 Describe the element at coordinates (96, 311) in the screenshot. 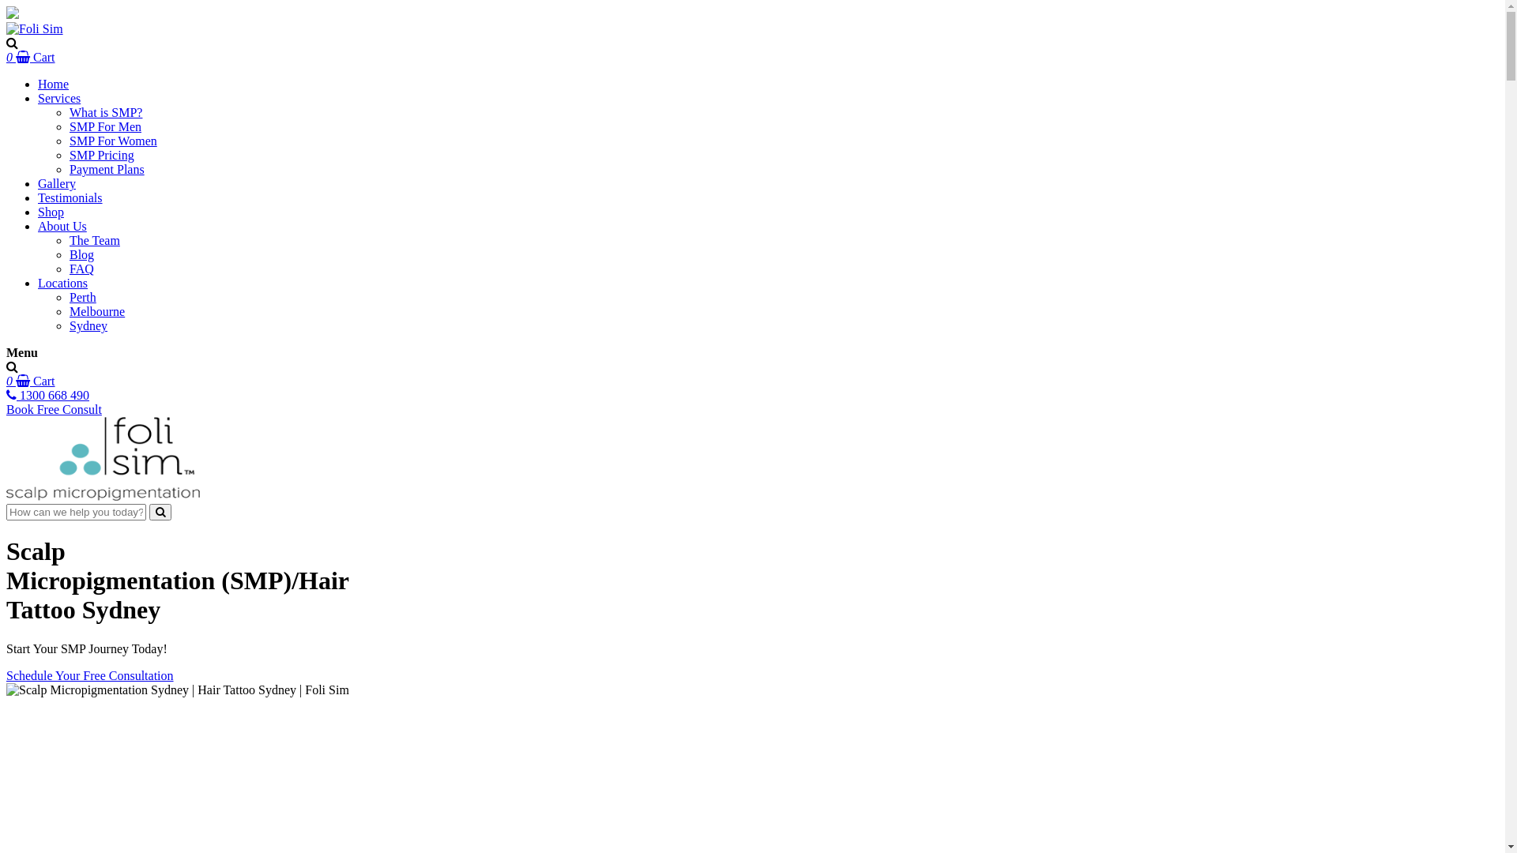

I see `'Melbourne'` at that location.